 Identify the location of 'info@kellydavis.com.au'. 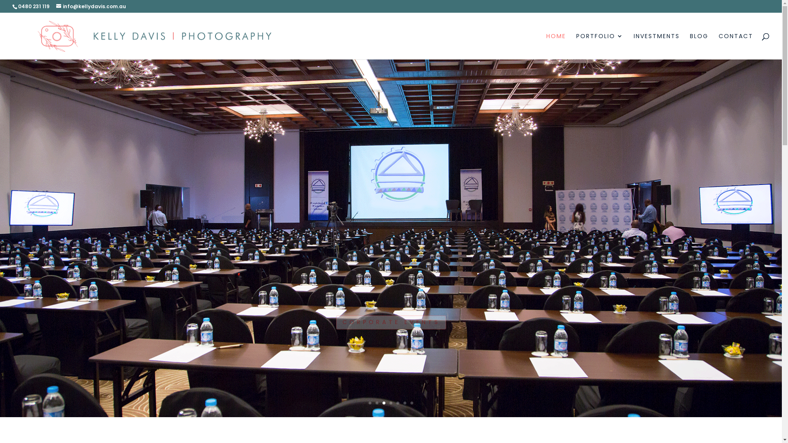
(91, 6).